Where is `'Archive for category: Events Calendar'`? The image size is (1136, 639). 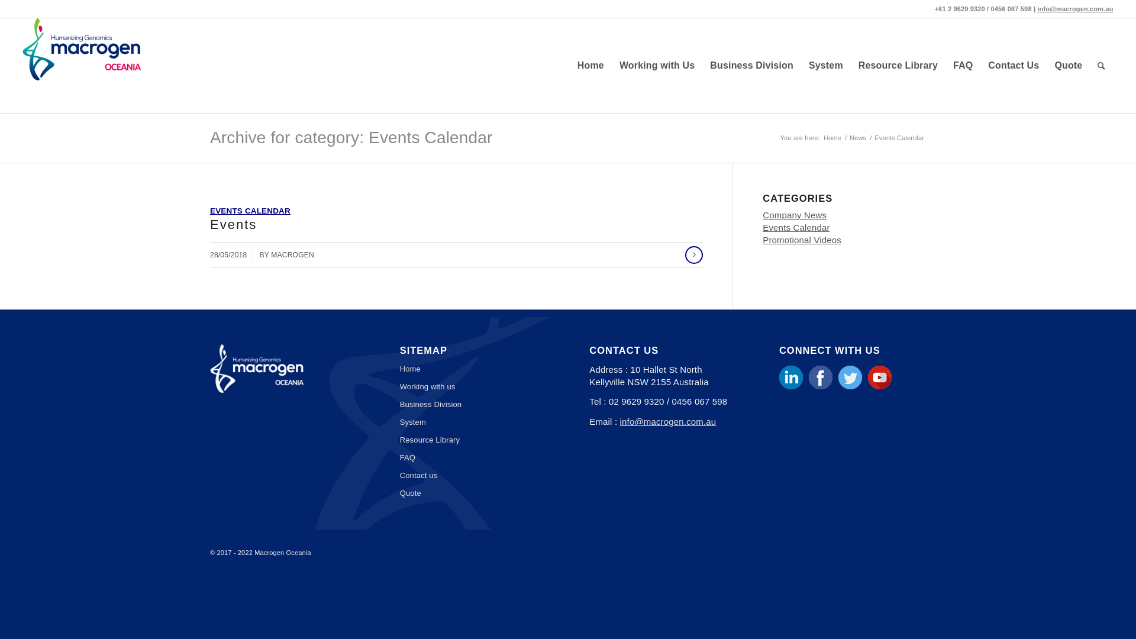 'Archive for category: Events Calendar' is located at coordinates (350, 137).